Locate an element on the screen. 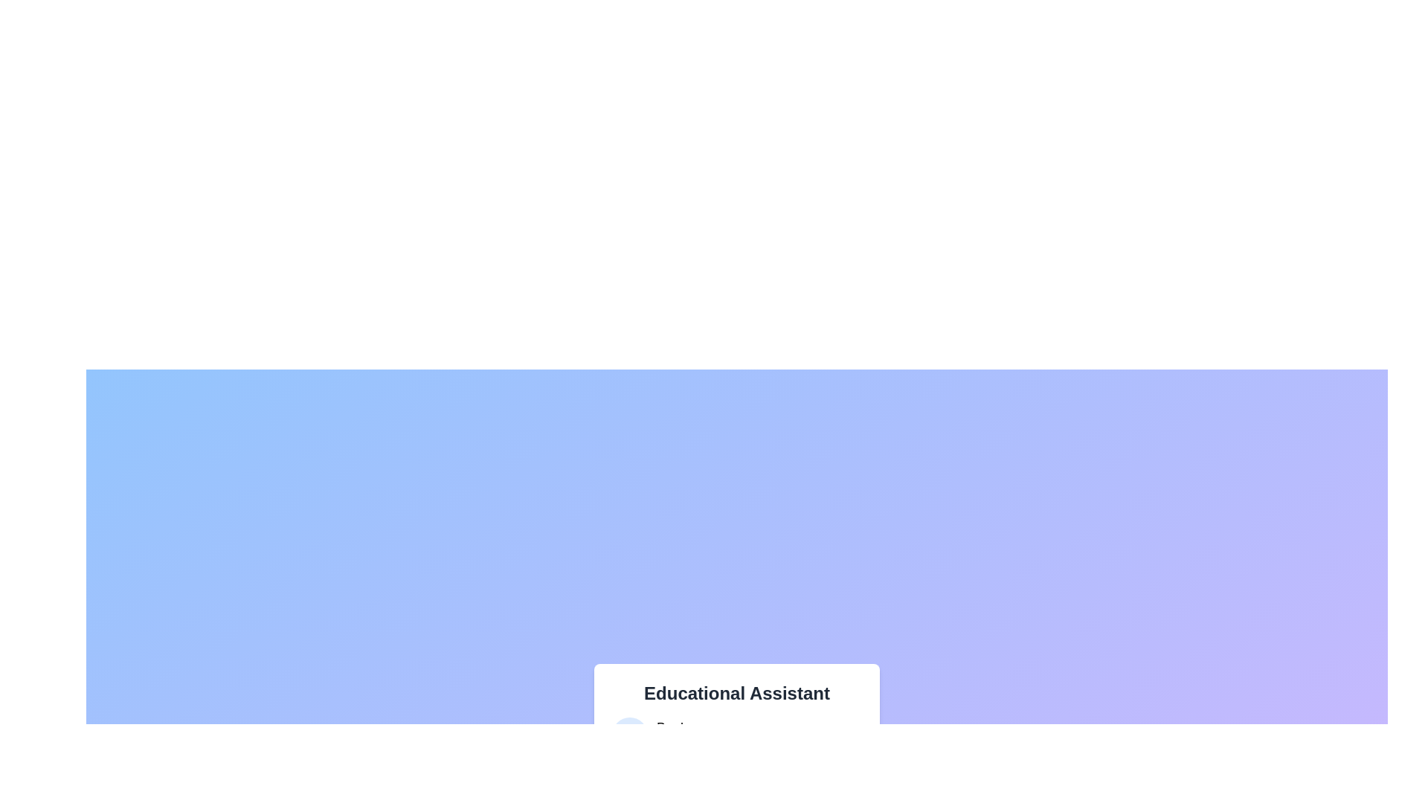 The width and height of the screenshot is (1428, 803). the text label displaying 'Educational Assistant' is located at coordinates (736, 694).